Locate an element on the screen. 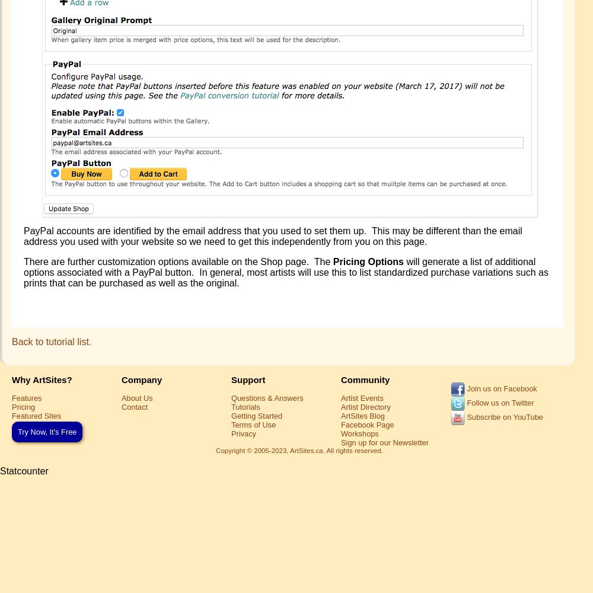 This screenshot has height=593, width=593. 'Pricing Options' is located at coordinates (367, 260).